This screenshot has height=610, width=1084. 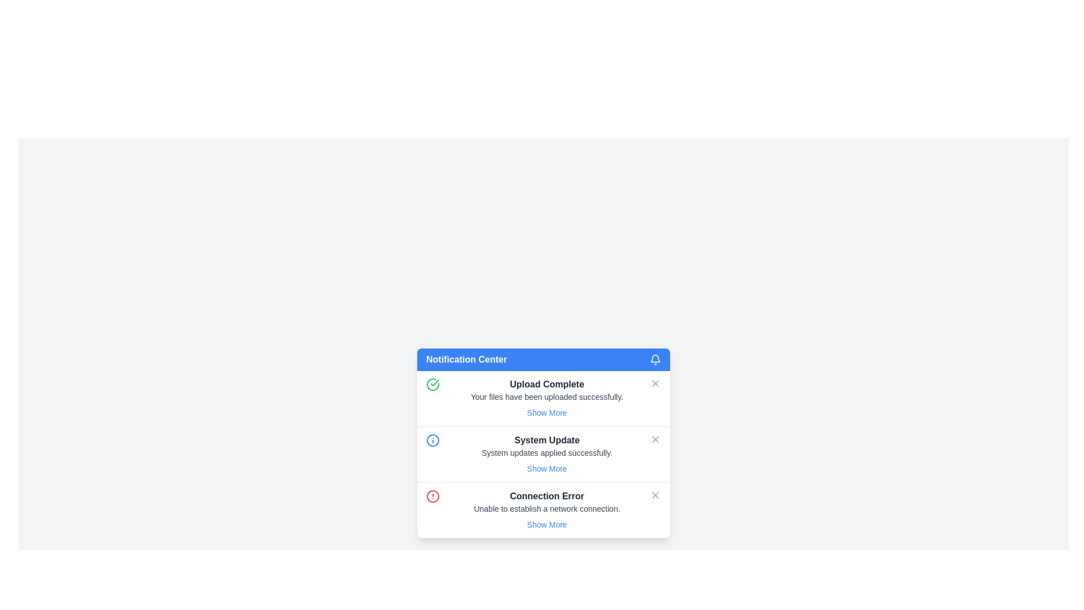 I want to click on the small vector graphic icon, so click(x=655, y=382).